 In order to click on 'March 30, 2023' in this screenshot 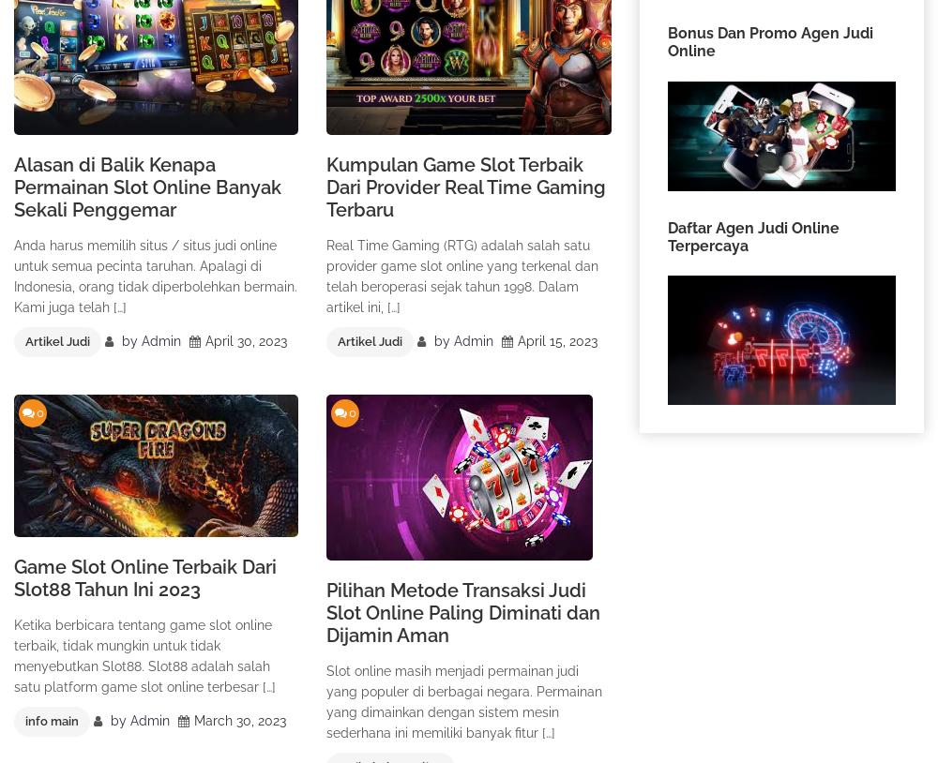, I will do `click(240, 720)`.